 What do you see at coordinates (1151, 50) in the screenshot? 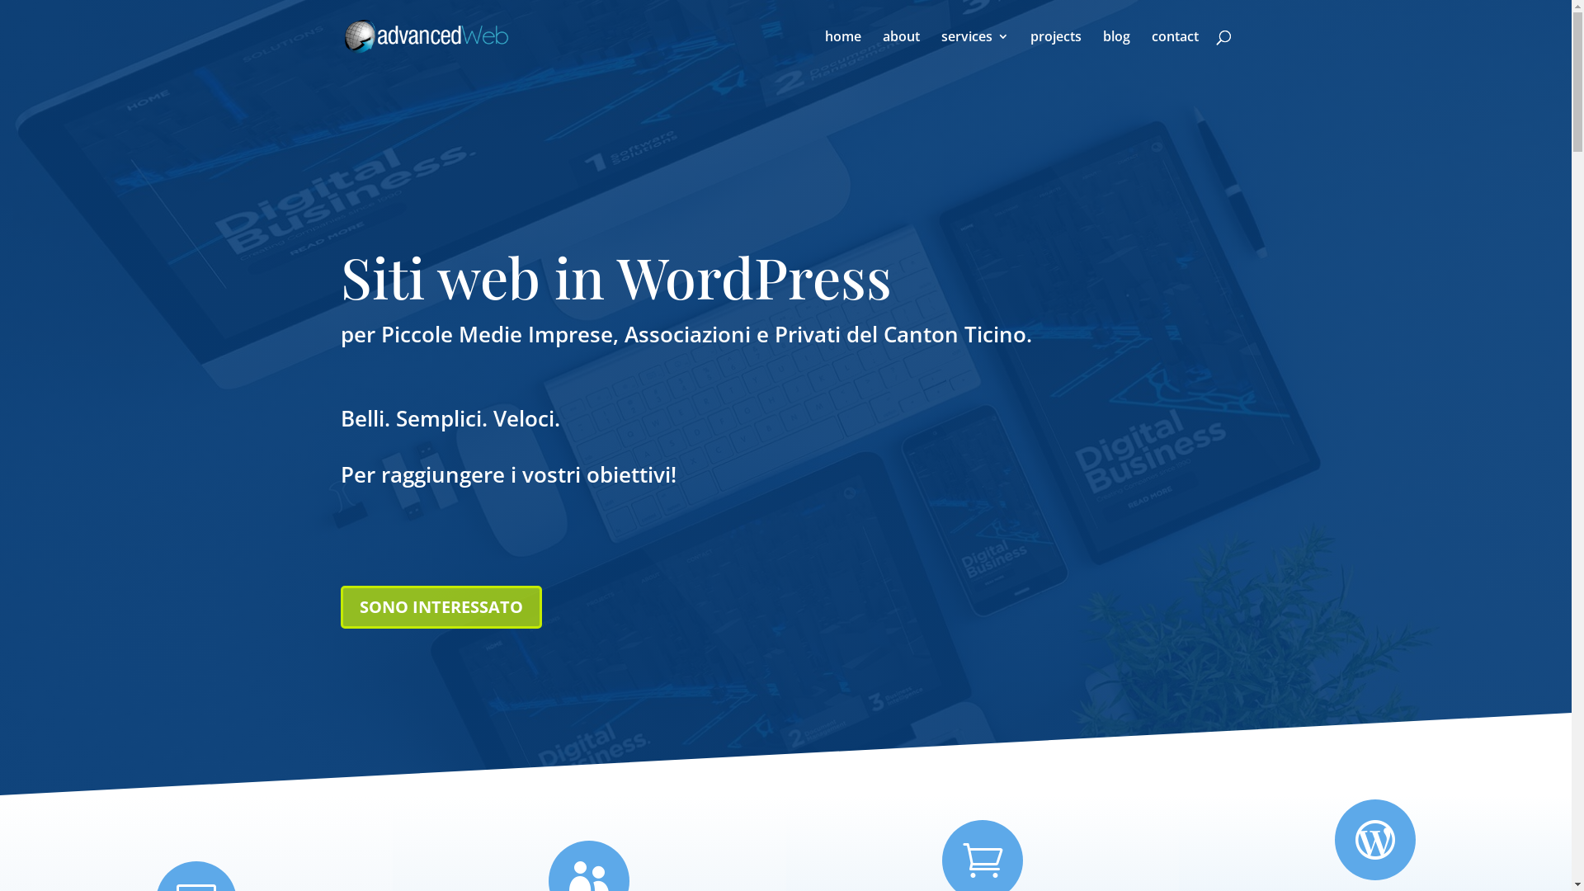
I see `'contact'` at bounding box center [1151, 50].